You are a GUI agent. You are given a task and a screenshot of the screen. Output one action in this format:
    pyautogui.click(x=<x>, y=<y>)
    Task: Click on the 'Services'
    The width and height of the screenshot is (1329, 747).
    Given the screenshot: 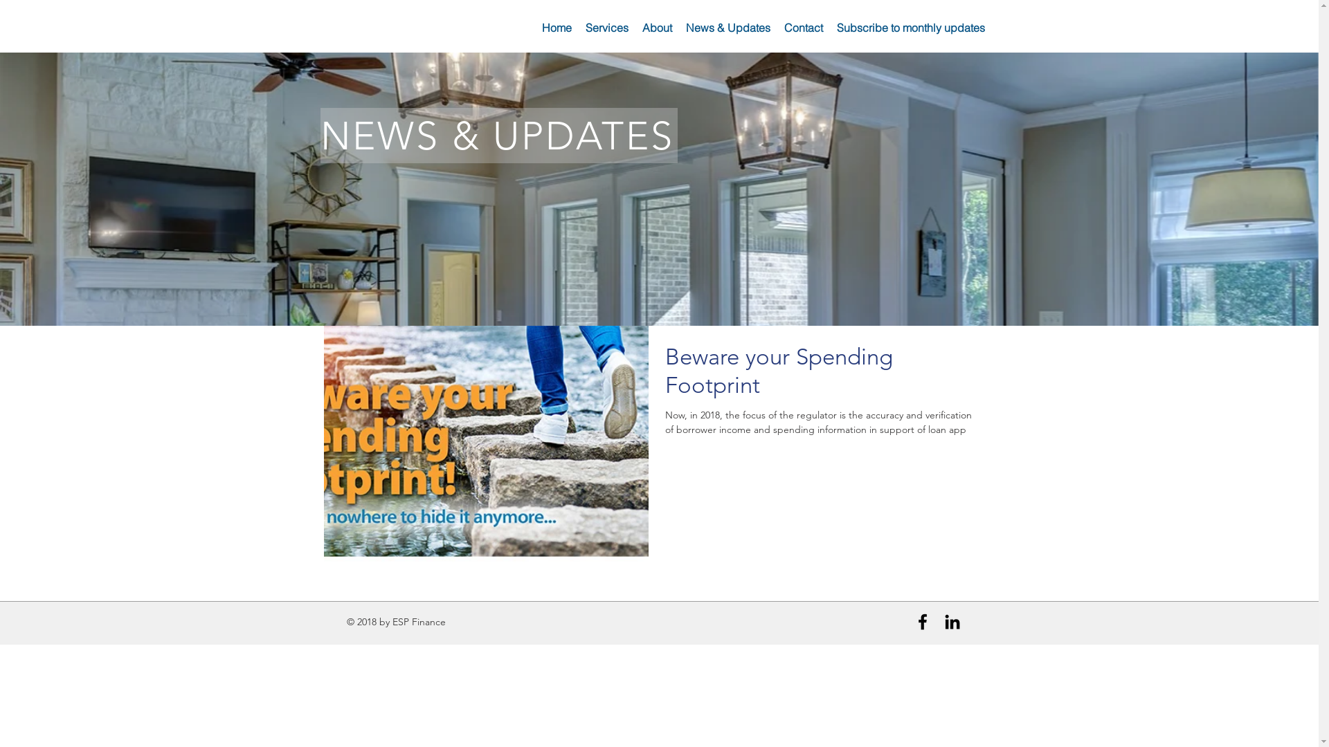 What is the action you would take?
    pyautogui.click(x=578, y=27)
    